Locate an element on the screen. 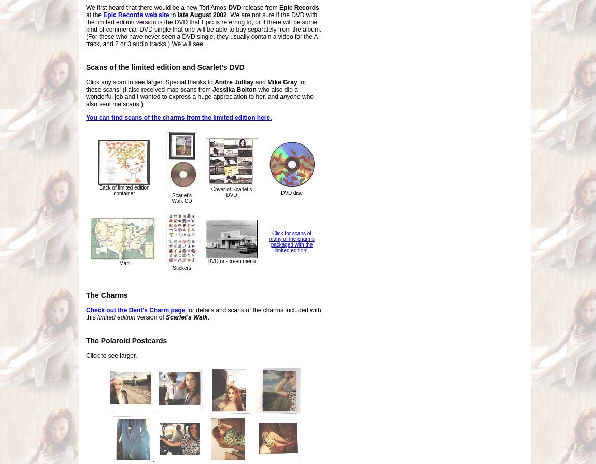  'Andre Julliay' is located at coordinates (234, 82).